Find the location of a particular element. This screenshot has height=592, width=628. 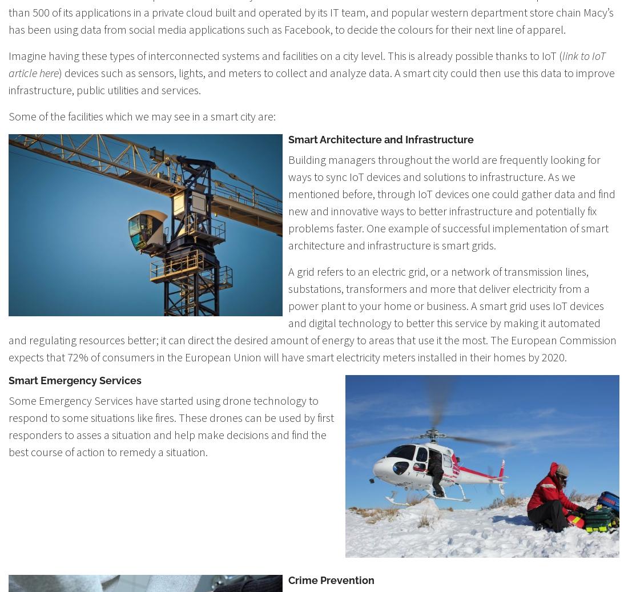

'Building managers throughout the world are frequently looking for ways to sync IoT devices and solutions to infrastructure. As we mentioned before, through IoT devices one could gather data and find new and innovative ways to better infrastructure and potentially fix problems faster. One example of successful implementation of smart architecture and infrastructure is smart grids.' is located at coordinates (452, 201).